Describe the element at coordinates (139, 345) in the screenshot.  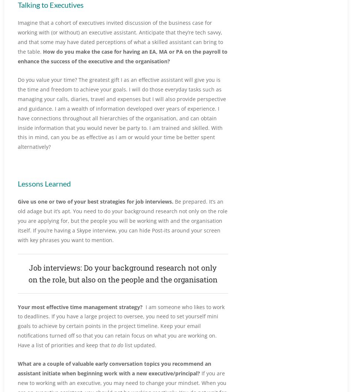
I see `'list updated.'` at that location.